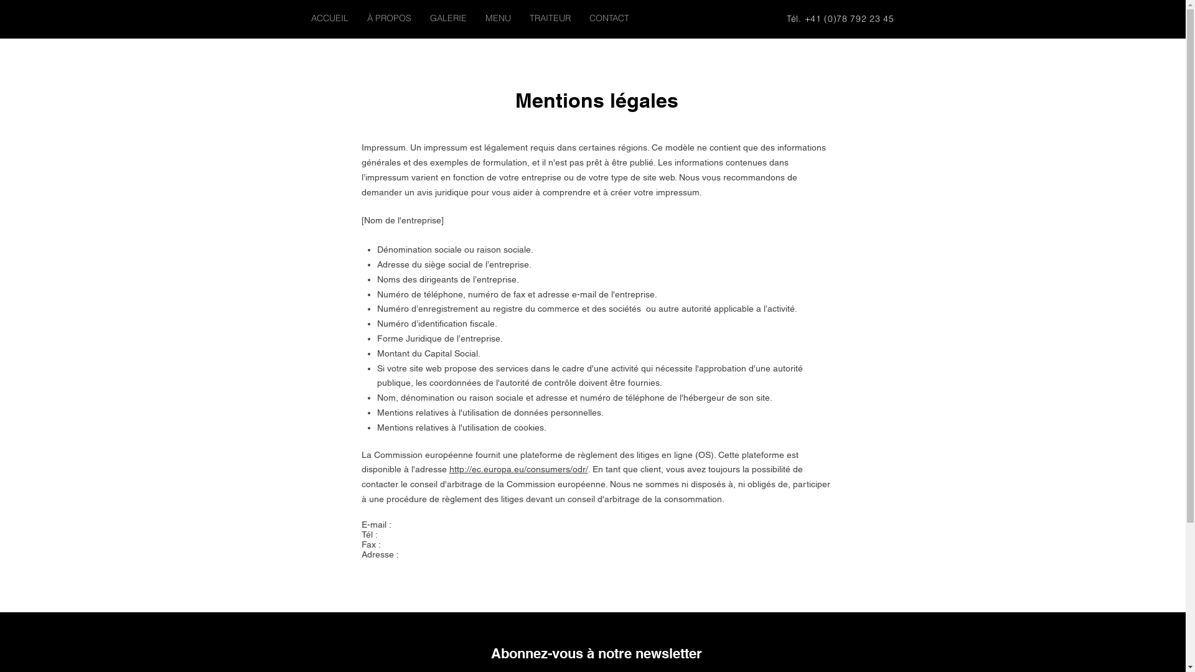 Image resolution: width=1195 pixels, height=672 pixels. I want to click on 'http://ec.europa.eu/consumers/odr/', so click(518, 469).